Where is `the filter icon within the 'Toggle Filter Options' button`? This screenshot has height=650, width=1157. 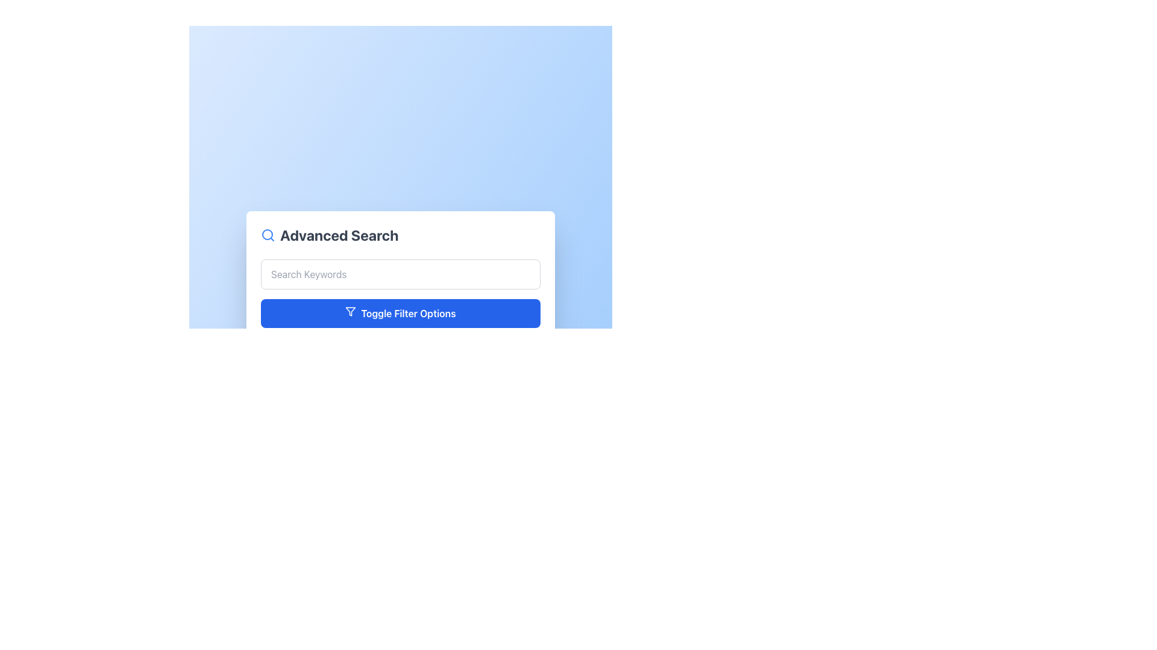 the filter icon within the 'Toggle Filter Options' button is located at coordinates (350, 311).